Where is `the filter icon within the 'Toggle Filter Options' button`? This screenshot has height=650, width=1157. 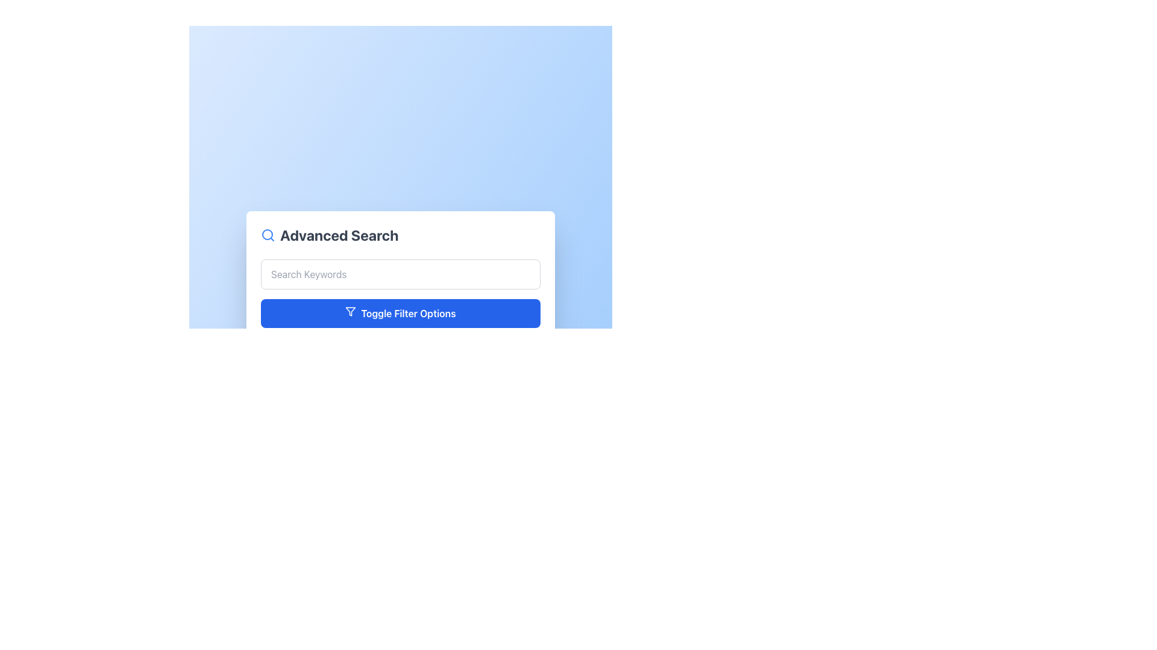 the filter icon within the 'Toggle Filter Options' button is located at coordinates (350, 311).